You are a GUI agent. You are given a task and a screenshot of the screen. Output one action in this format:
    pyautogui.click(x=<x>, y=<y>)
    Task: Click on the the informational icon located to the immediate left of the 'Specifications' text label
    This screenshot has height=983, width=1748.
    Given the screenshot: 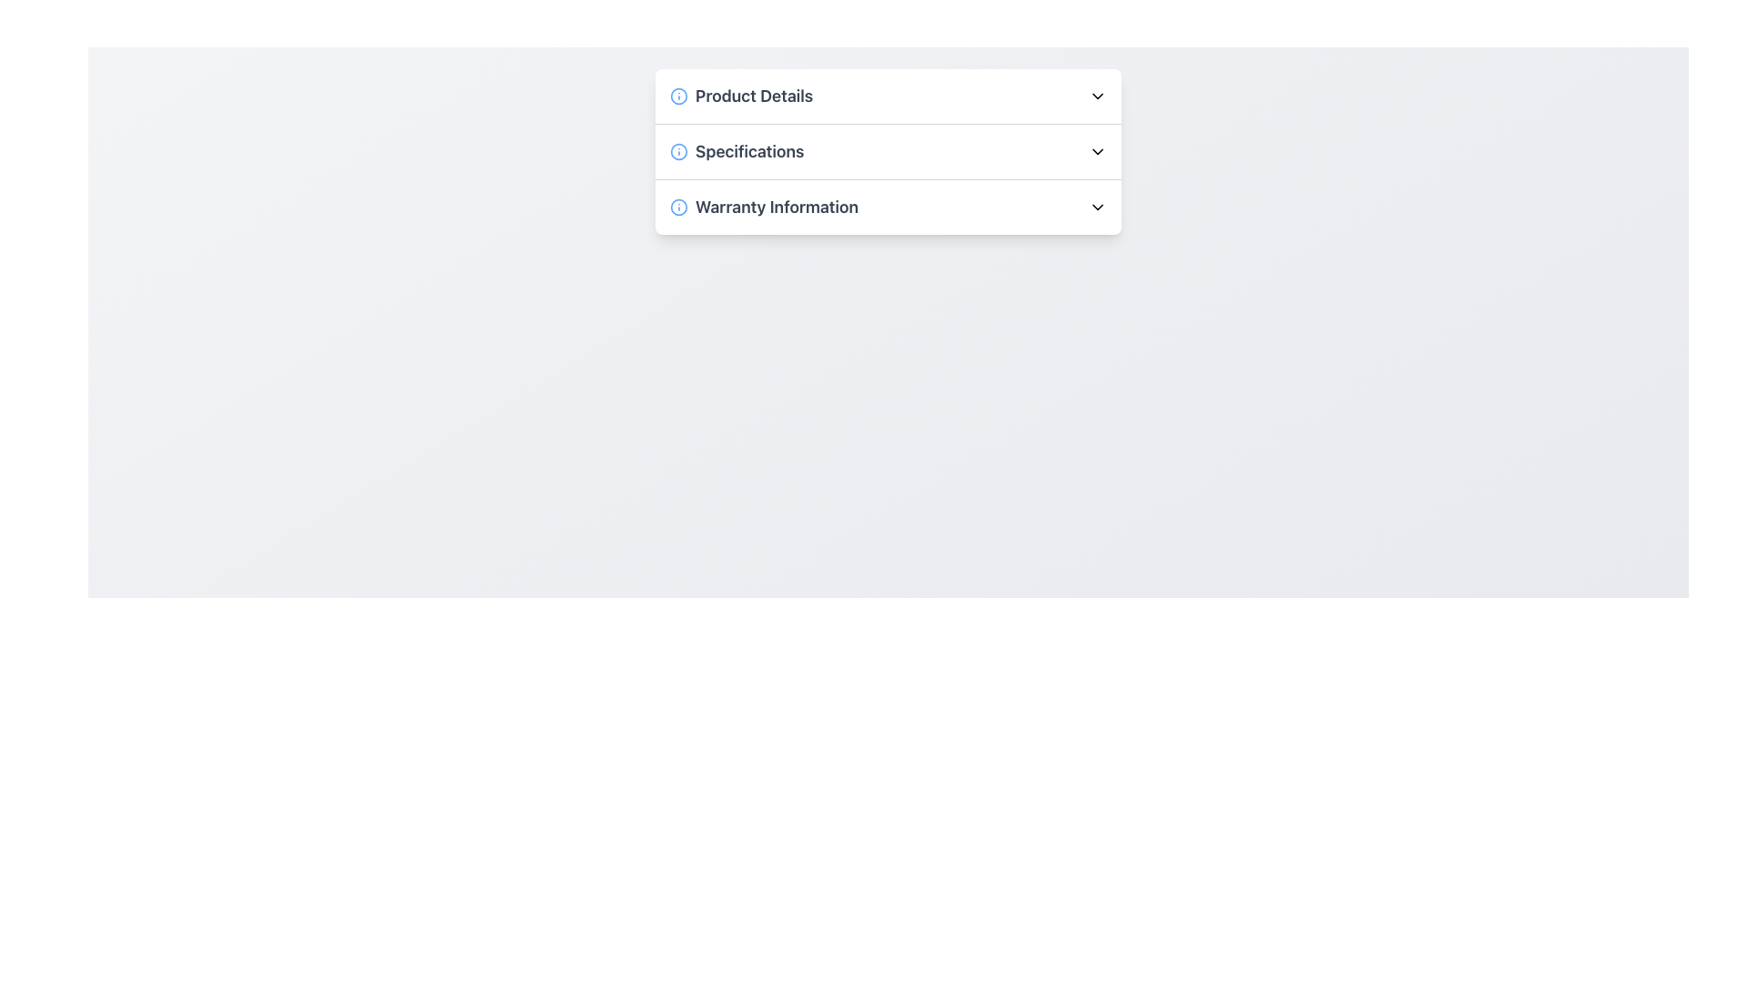 What is the action you would take?
    pyautogui.click(x=677, y=150)
    